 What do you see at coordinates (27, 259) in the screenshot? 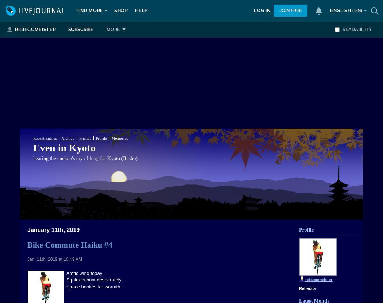
I see `'Jan. 11th, 2019 at 10:49 AM'` at bounding box center [27, 259].